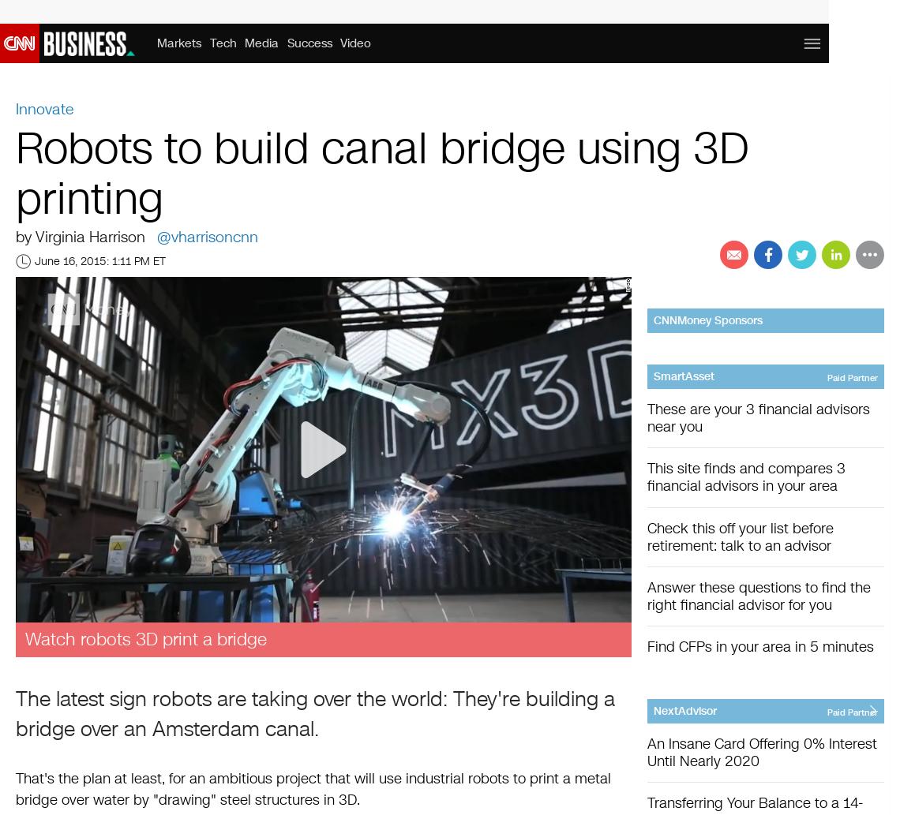  I want to click on 'These are your 3 financial advisors near you', so click(647, 417).